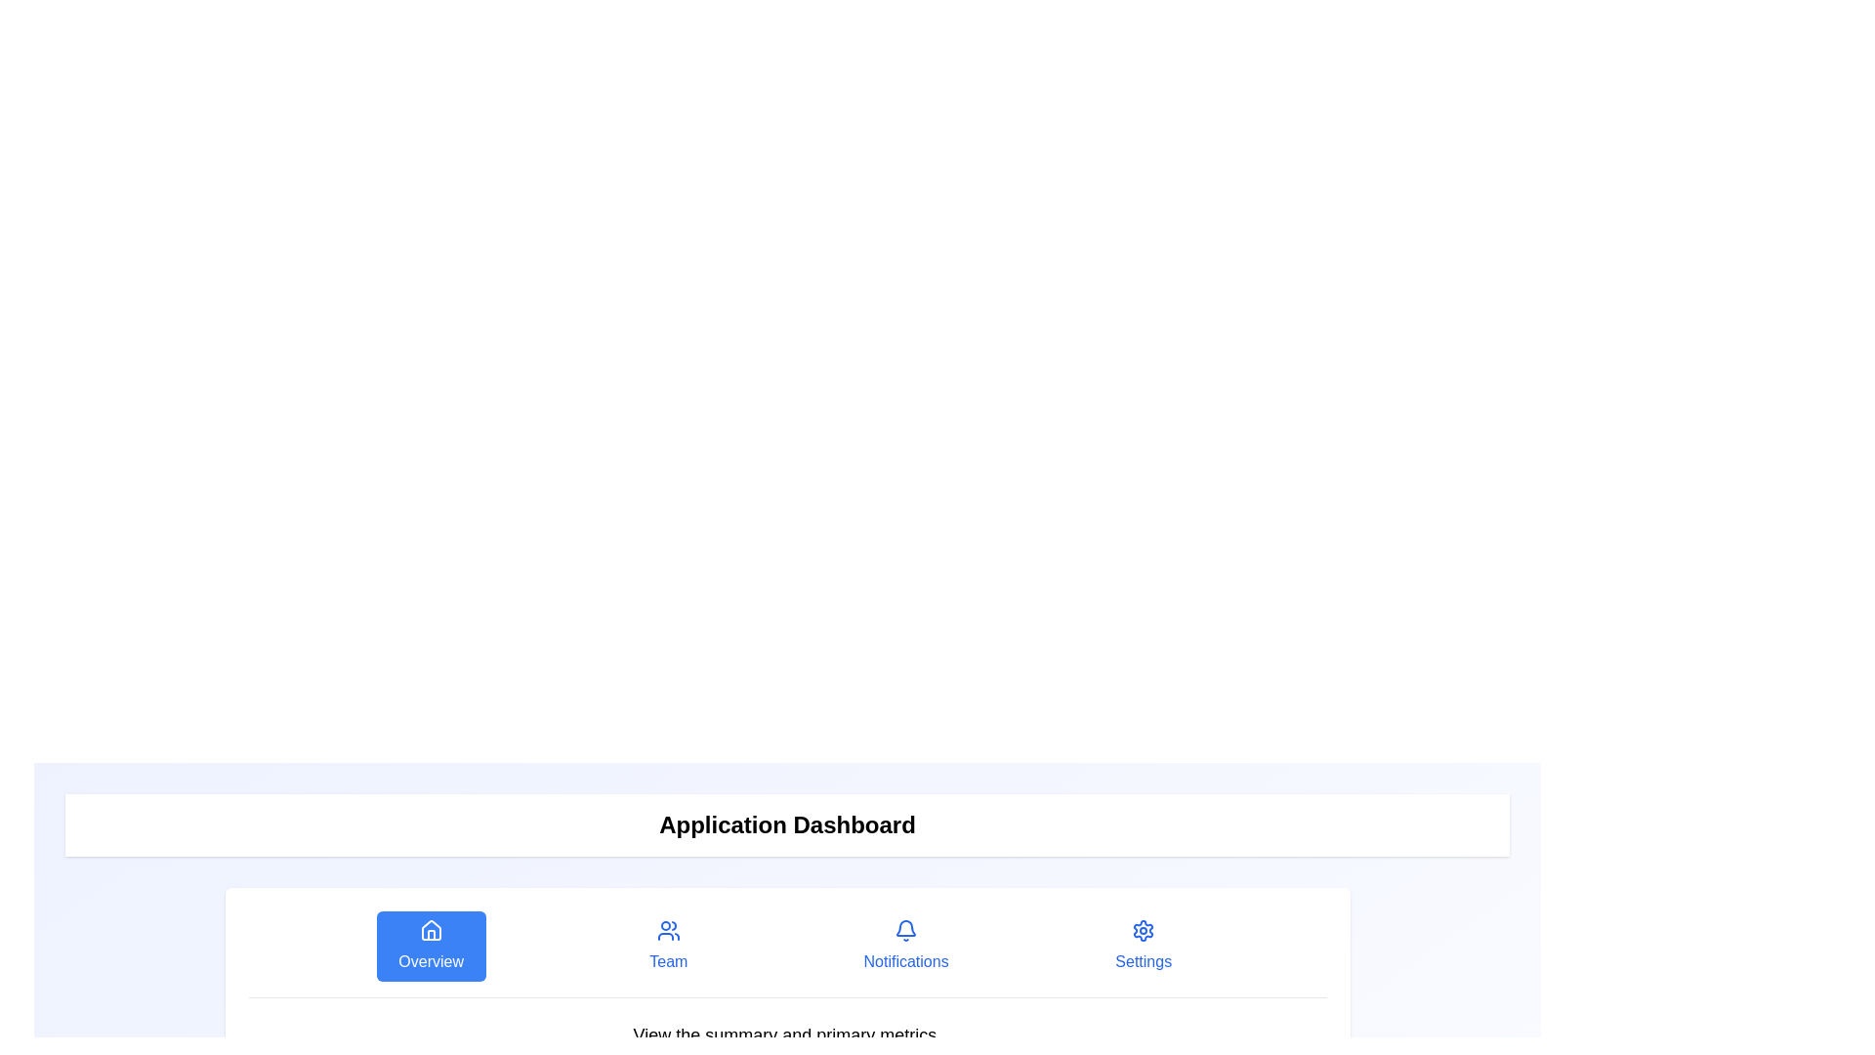 The height and width of the screenshot is (1055, 1875). Describe the element at coordinates (905, 945) in the screenshot. I see `the notifications button located in the menu bar beneath the 'Application Dashboard' header` at that location.